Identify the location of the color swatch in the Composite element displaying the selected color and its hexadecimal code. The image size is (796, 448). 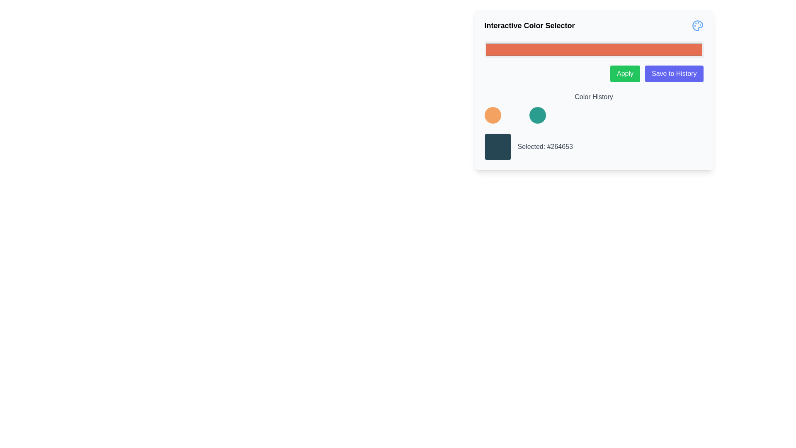
(593, 146).